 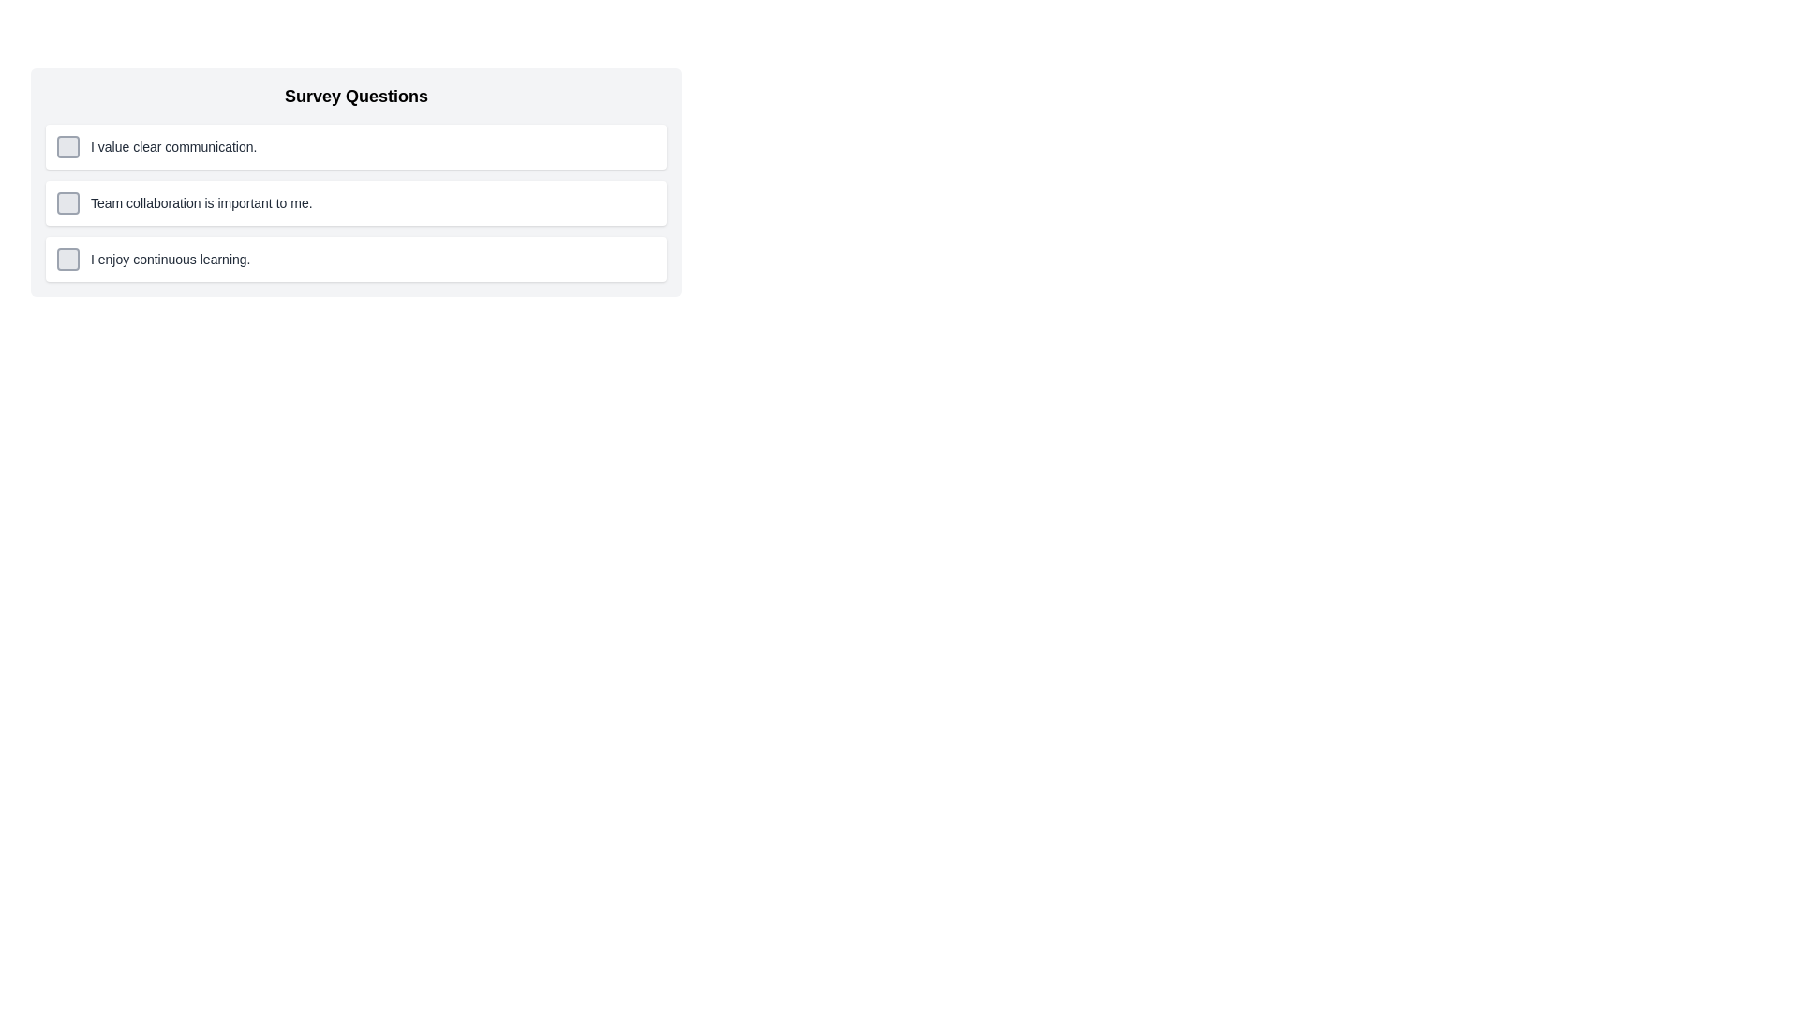 I want to click on the checkbox with a light gray background and darker gray border, located to the left of the text 'I enjoy continuous learning.', so click(x=67, y=260).